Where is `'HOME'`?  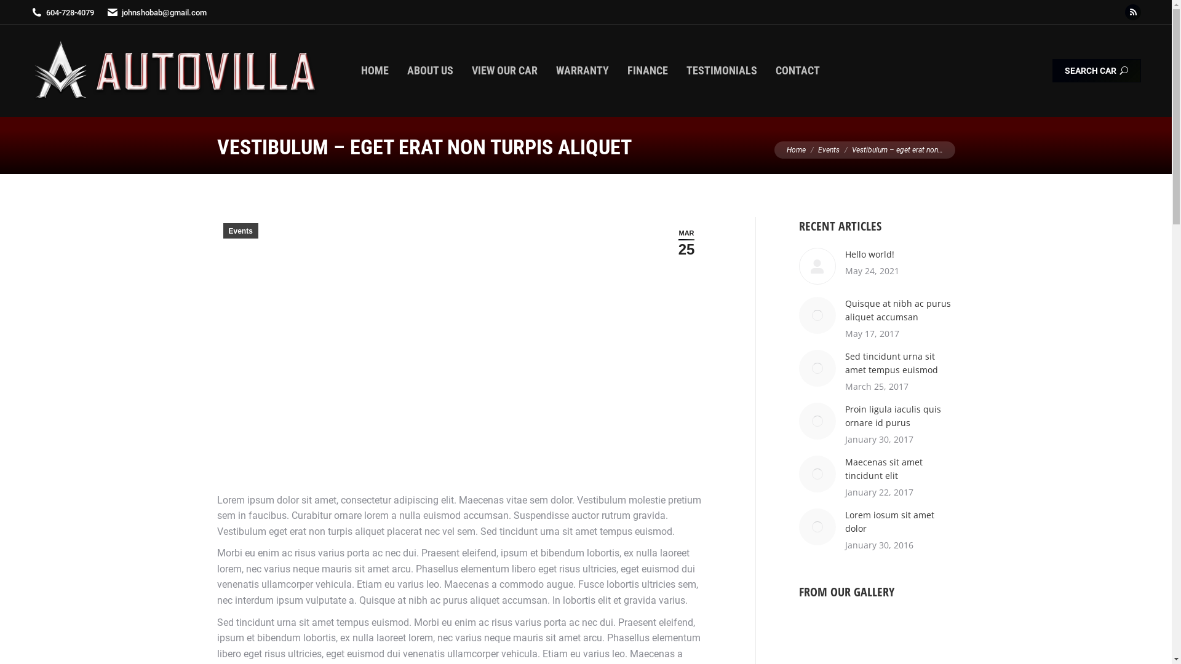
'HOME' is located at coordinates (374, 71).